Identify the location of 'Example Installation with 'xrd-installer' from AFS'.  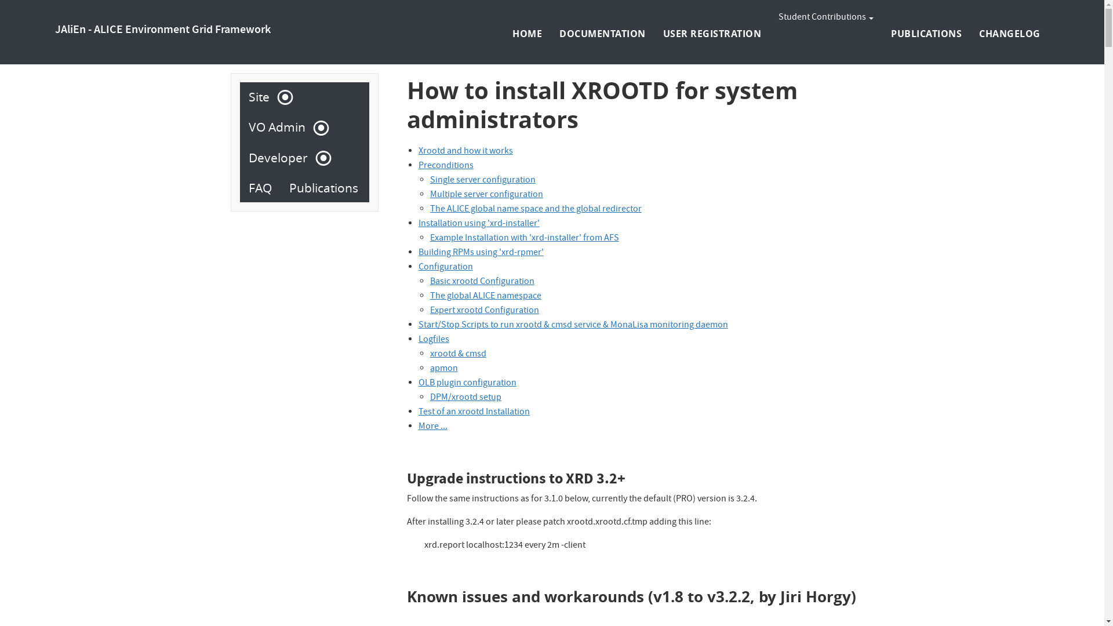
(524, 238).